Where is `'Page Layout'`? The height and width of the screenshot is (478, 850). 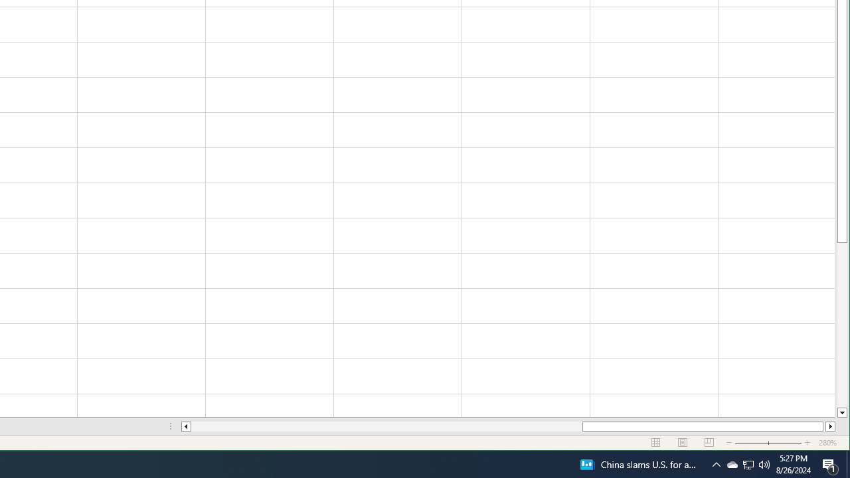 'Page Layout' is located at coordinates (656, 443).